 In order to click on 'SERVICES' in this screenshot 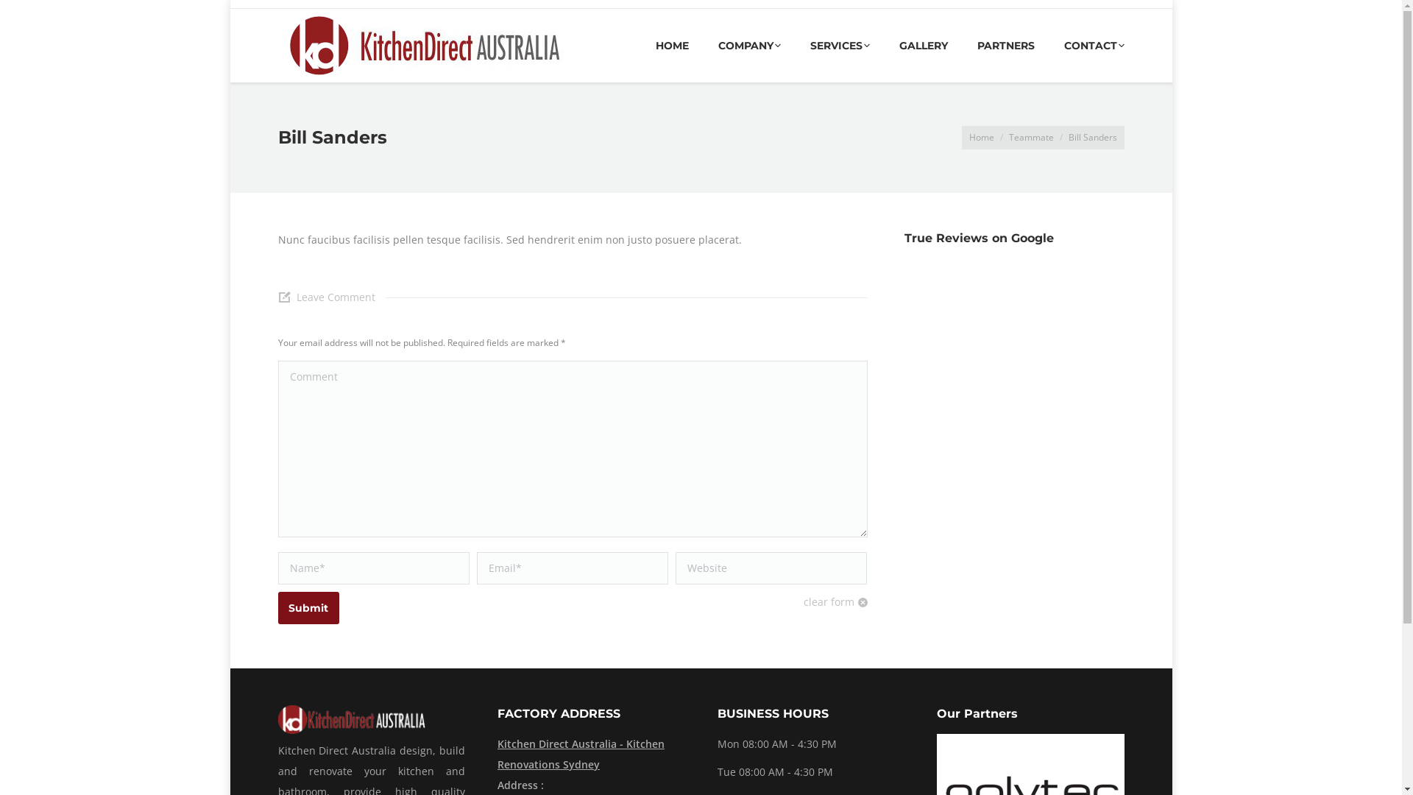, I will do `click(839, 44)`.